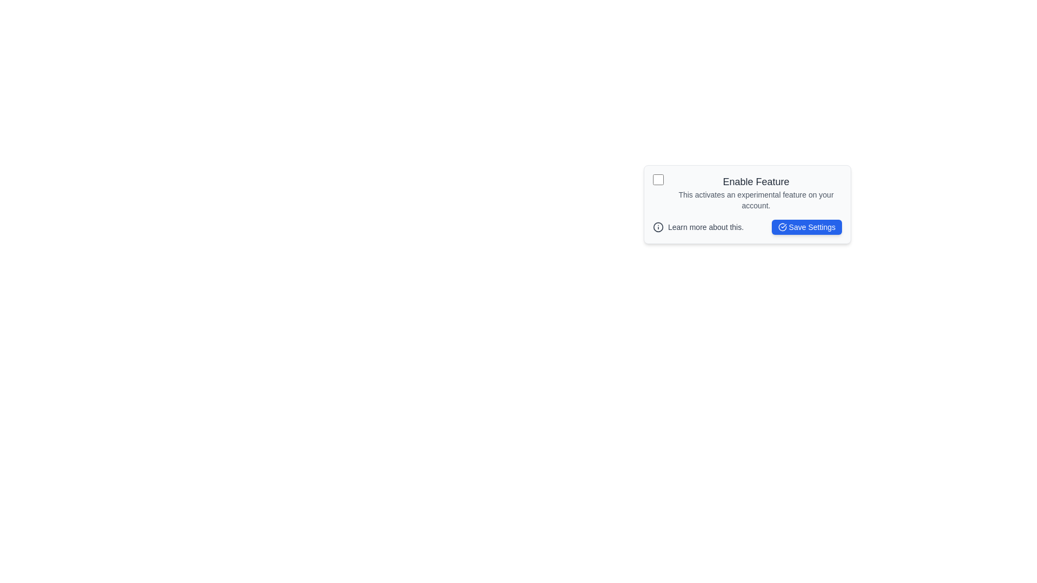 The image size is (1037, 583). Describe the element at coordinates (698, 226) in the screenshot. I see `the informational Text with Icon that says 'Learn more about this.' which is positioned to the left of the 'Save Settings' button` at that location.